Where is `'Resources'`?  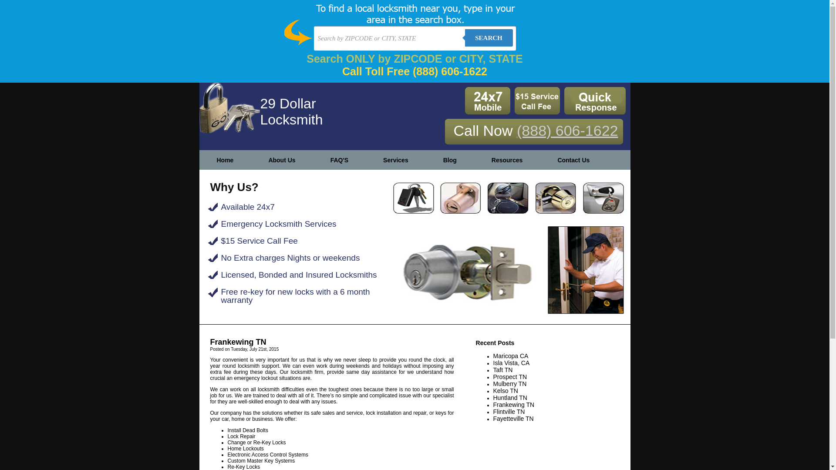 'Resources' is located at coordinates (507, 160).